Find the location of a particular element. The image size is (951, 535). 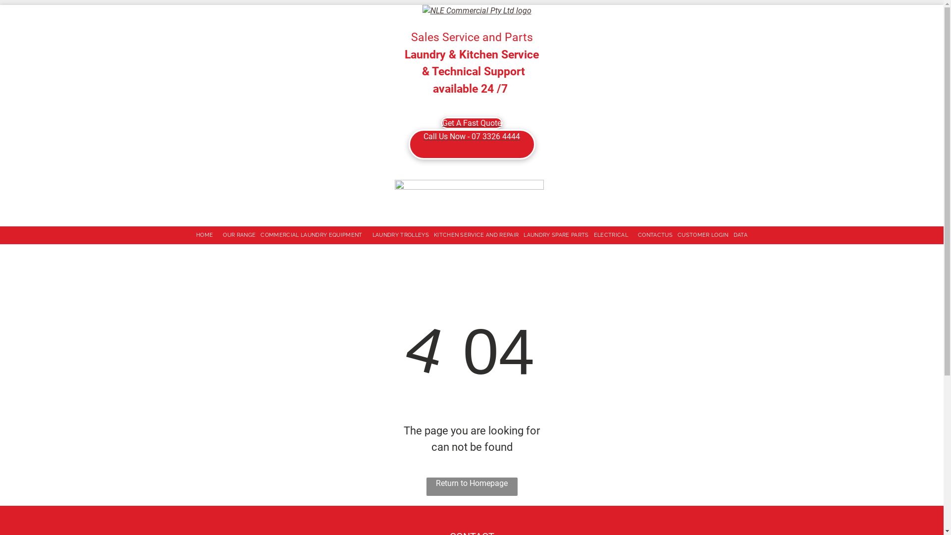

'COMMERCIAL LAUNDRY EQUIPMENT' is located at coordinates (313, 235).